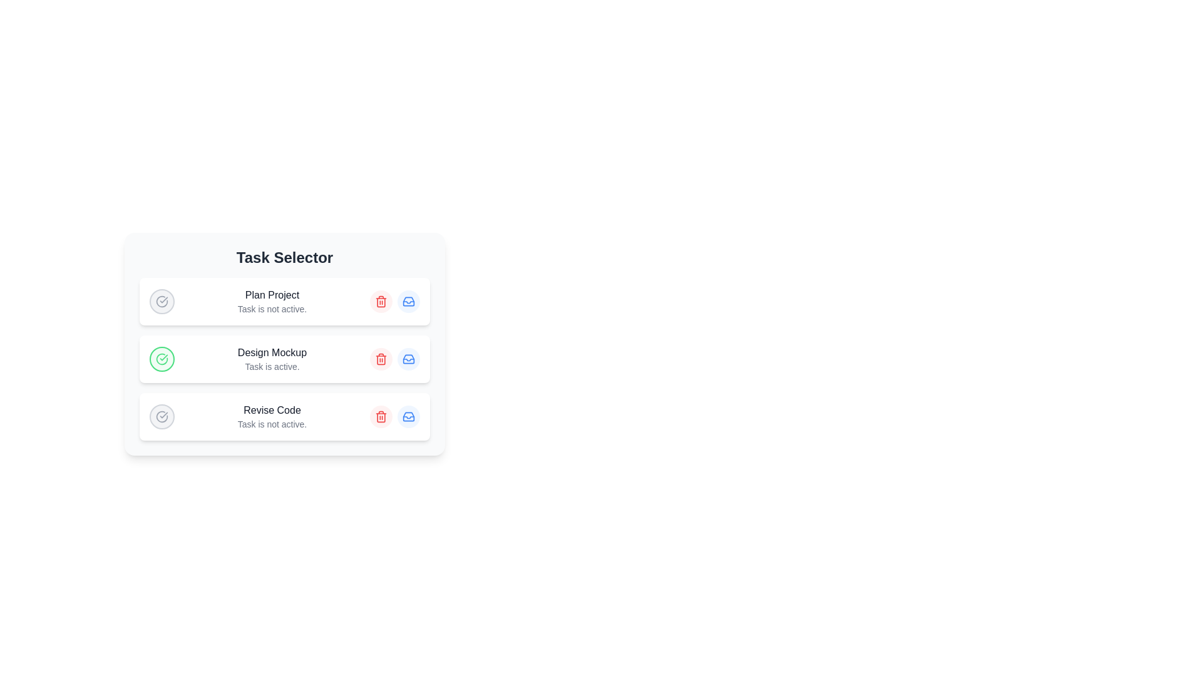 This screenshot has height=676, width=1202. Describe the element at coordinates (272, 302) in the screenshot. I see `the informational text block that contains 'Plan Project' and 'Task is not active.' within the first card in the vertical list of task items` at that location.